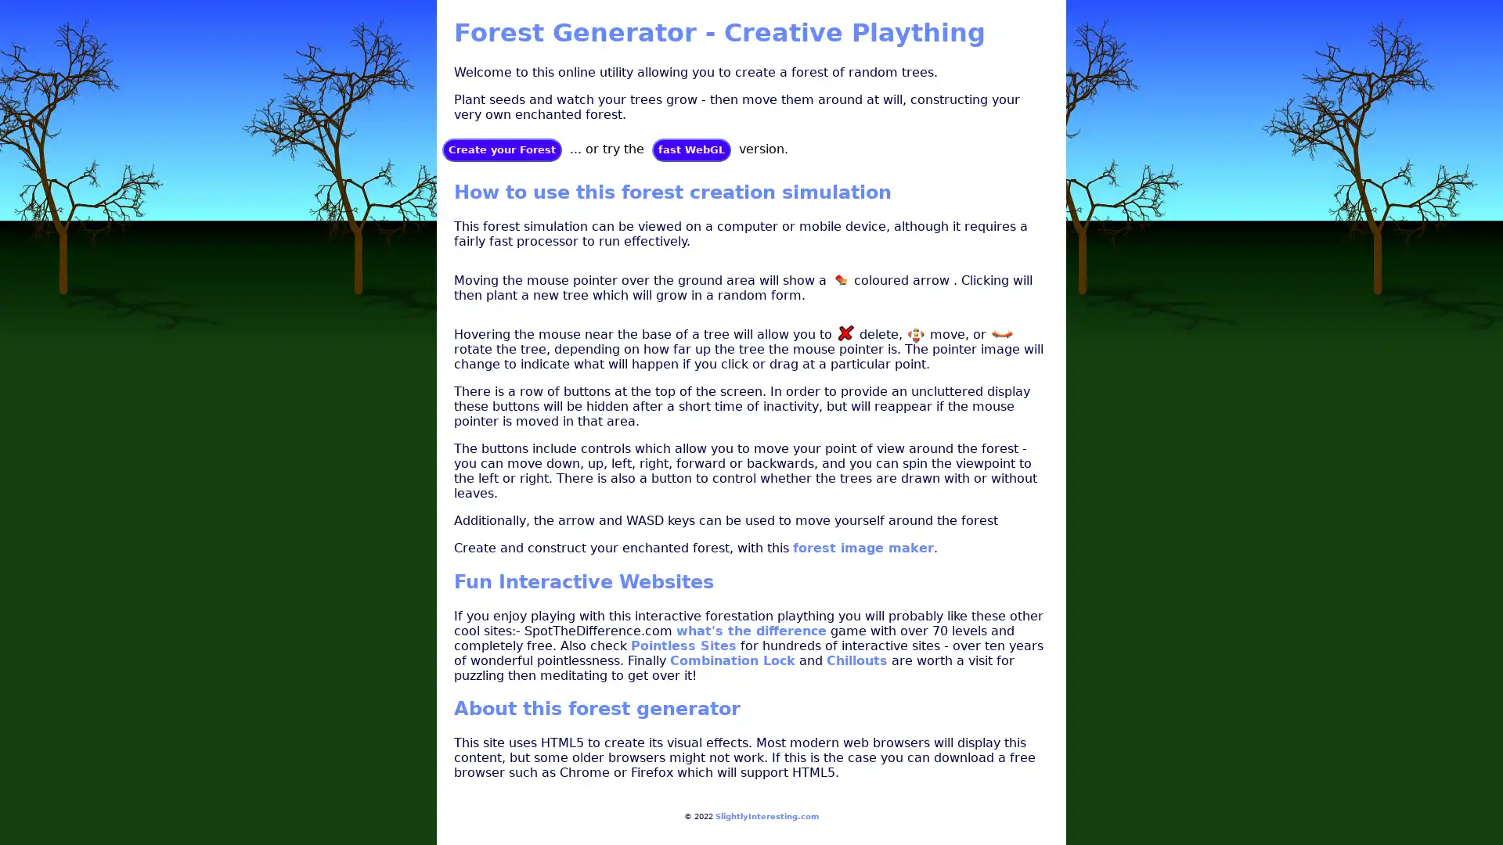 This screenshot has width=1503, height=845. What do you see at coordinates (690, 149) in the screenshot?
I see `fast WebGL` at bounding box center [690, 149].